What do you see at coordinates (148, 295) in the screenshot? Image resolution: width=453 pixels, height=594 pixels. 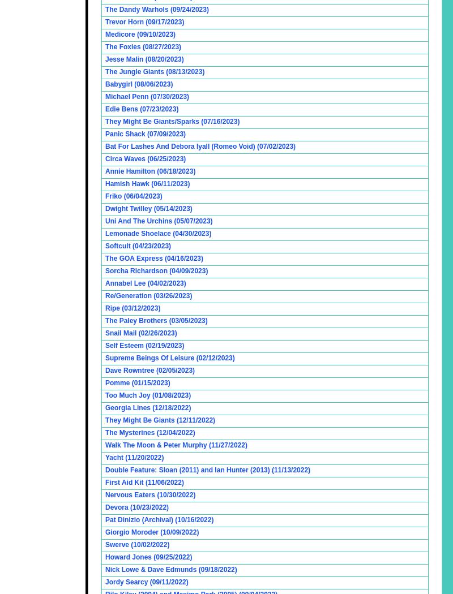 I see `'Re/Generation (03/26/2023)'` at bounding box center [148, 295].